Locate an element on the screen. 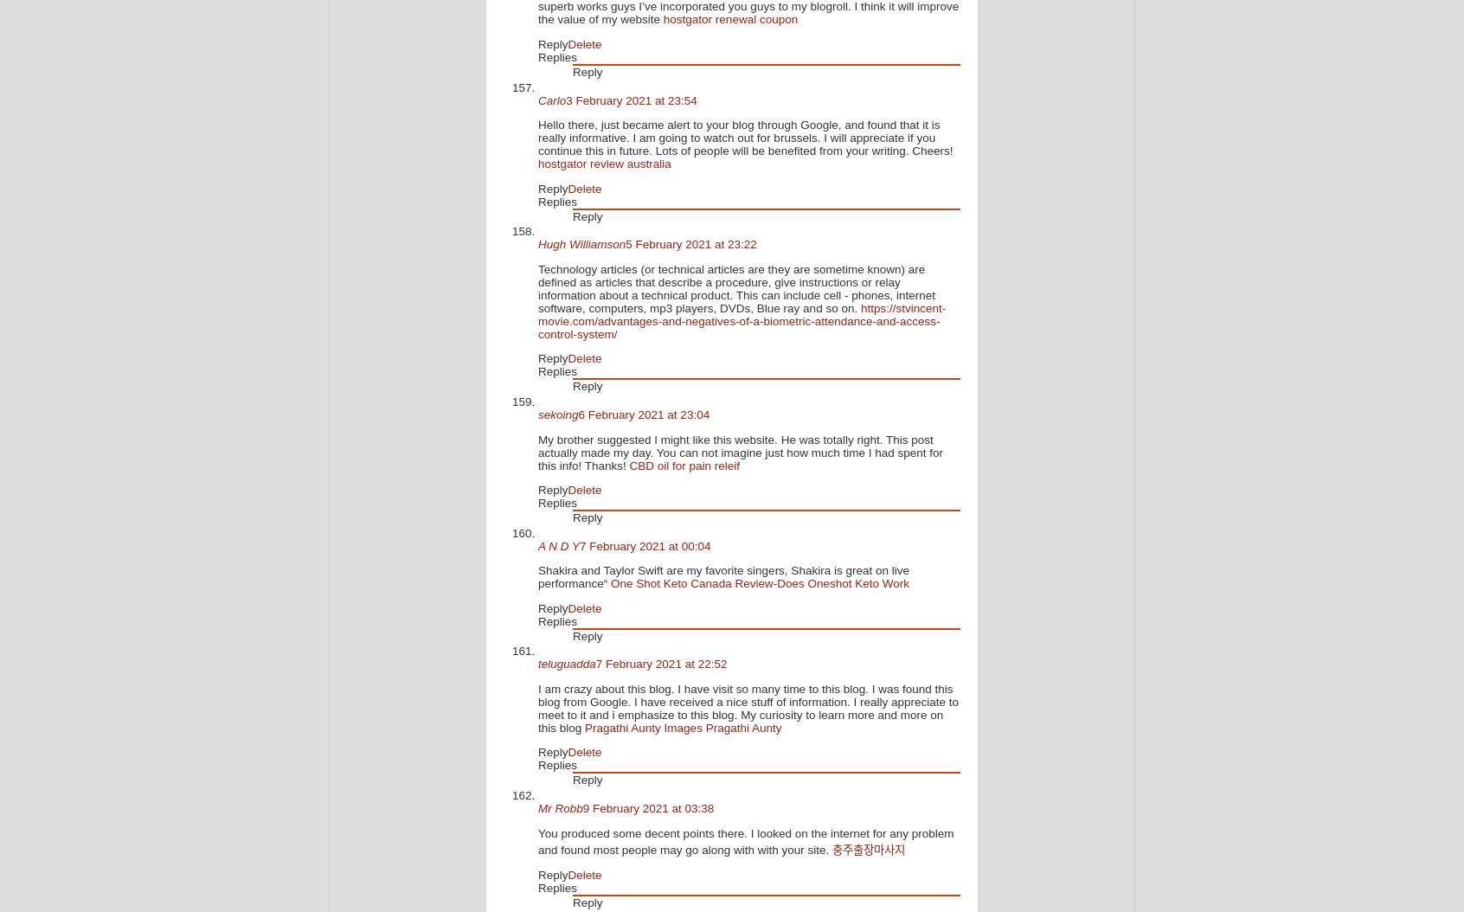 The width and height of the screenshot is (1464, 912). 'https://stvincent-movie.com/advantages-and-negatives-of-a-biometric-attendance-and-access-control-system/' is located at coordinates (741, 319).